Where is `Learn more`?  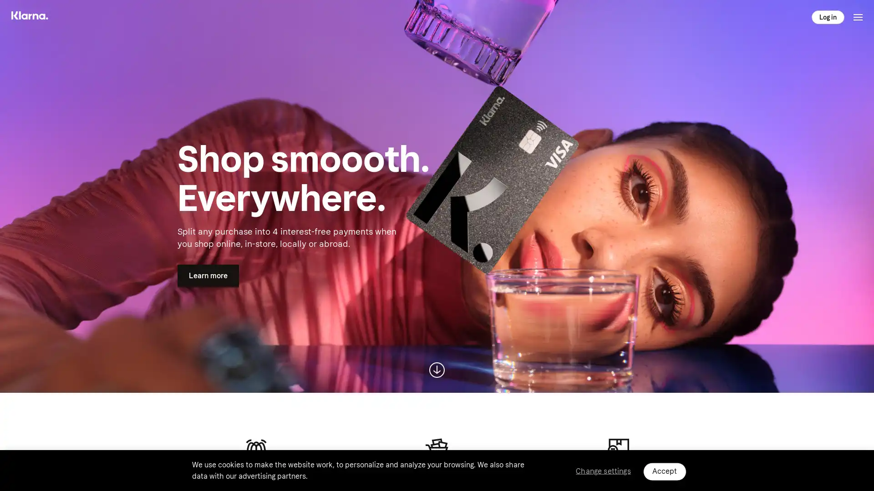
Learn more is located at coordinates (208, 275).